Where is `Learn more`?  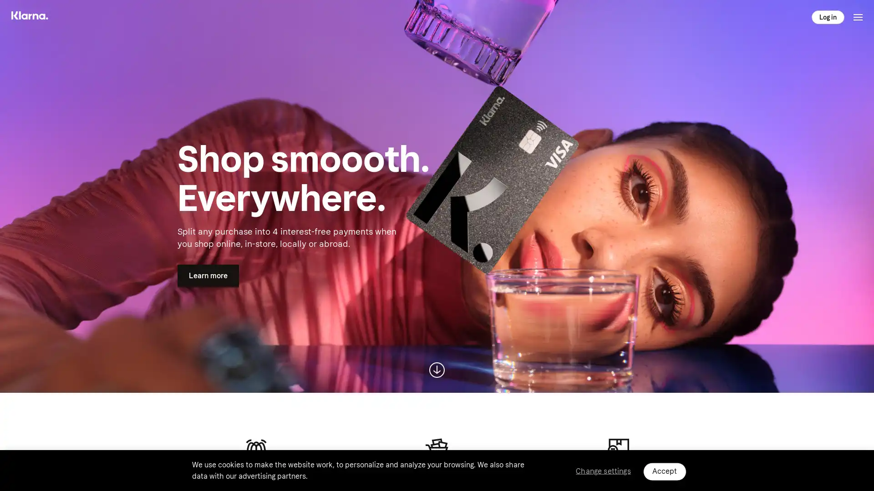
Learn more is located at coordinates (208, 275).